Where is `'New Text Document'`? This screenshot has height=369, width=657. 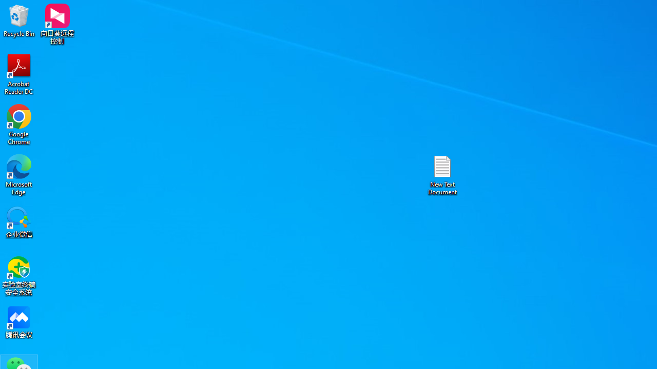
'New Text Document' is located at coordinates (442, 174).